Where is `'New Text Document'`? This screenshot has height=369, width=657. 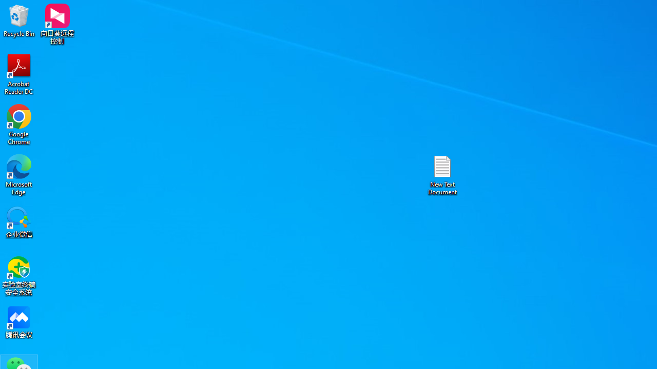
'New Text Document' is located at coordinates (442, 174).